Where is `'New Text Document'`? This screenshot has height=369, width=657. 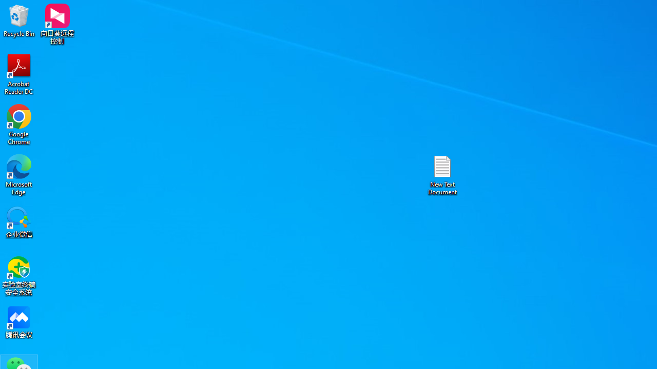
'New Text Document' is located at coordinates (442, 174).